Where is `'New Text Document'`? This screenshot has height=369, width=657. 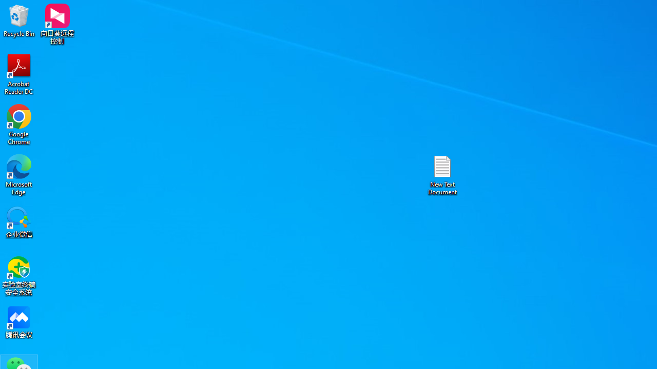
'New Text Document' is located at coordinates (442, 174).